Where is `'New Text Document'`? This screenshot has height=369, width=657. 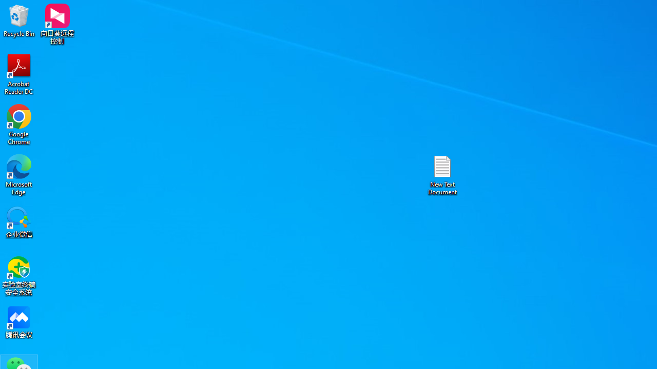
'New Text Document' is located at coordinates (442, 174).